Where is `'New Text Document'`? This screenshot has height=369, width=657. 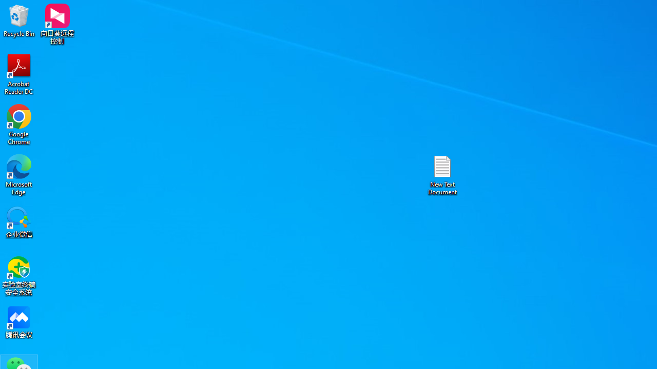
'New Text Document' is located at coordinates (442, 174).